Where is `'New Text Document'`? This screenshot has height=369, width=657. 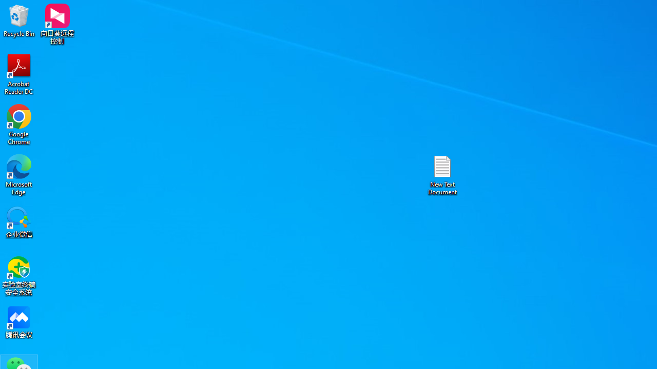
'New Text Document' is located at coordinates (442, 174).